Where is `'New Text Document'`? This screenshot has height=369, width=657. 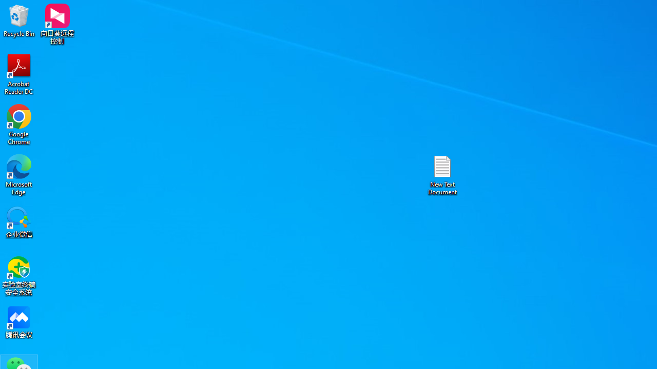
'New Text Document' is located at coordinates (442, 174).